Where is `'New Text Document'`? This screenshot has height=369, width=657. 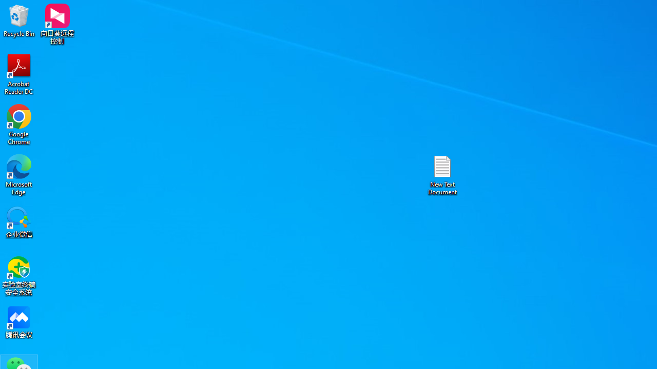
'New Text Document' is located at coordinates (442, 174).